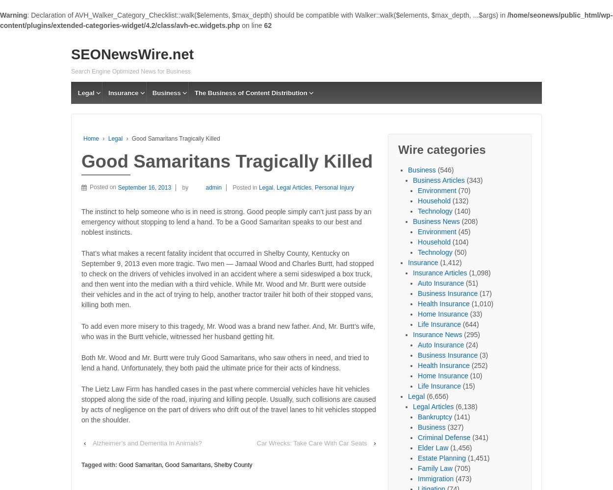 This screenshot has width=613, height=490. What do you see at coordinates (173, 89) in the screenshot?
I see `'Business Articles'` at bounding box center [173, 89].